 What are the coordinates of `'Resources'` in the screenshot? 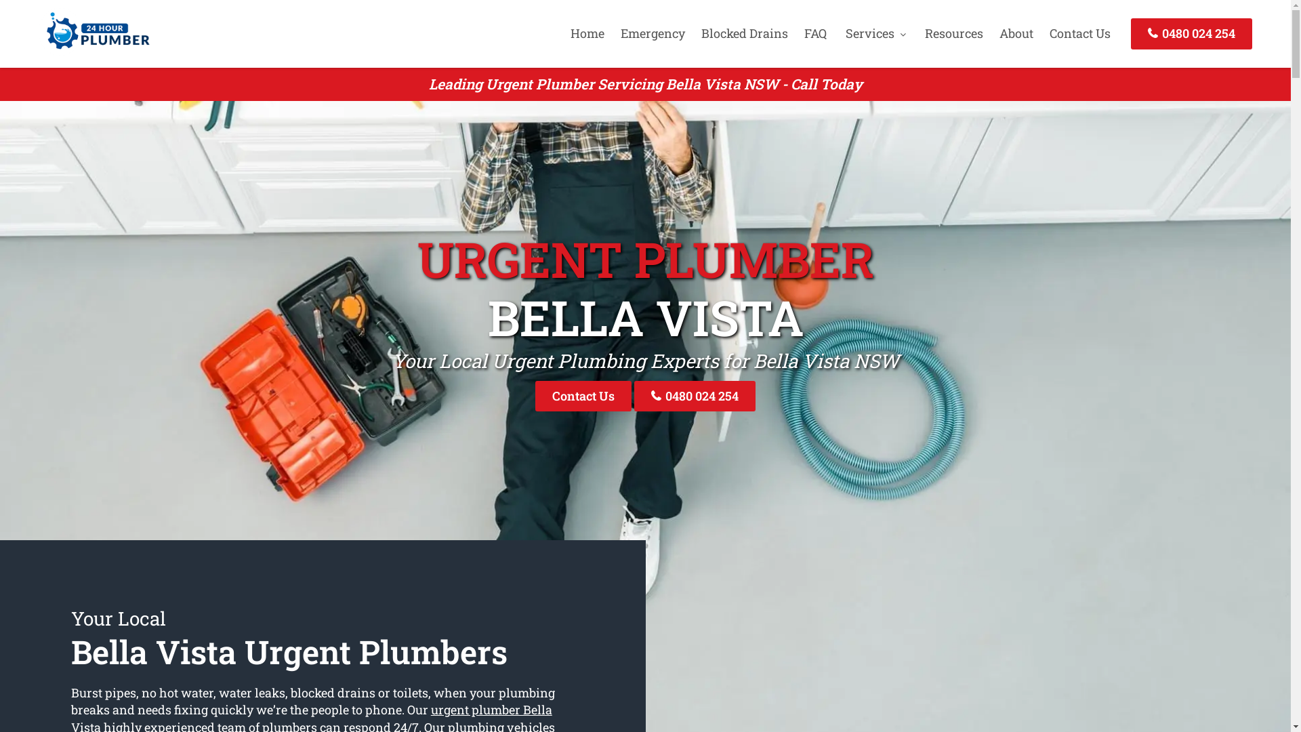 It's located at (953, 33).